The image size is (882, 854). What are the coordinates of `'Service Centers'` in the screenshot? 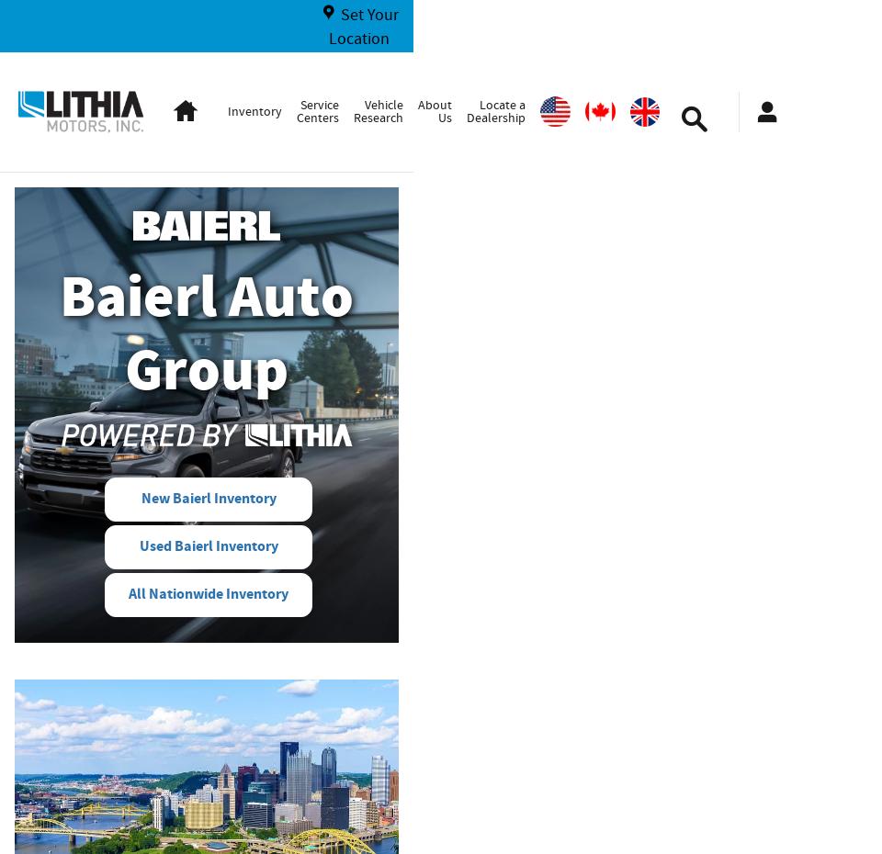 It's located at (317, 110).